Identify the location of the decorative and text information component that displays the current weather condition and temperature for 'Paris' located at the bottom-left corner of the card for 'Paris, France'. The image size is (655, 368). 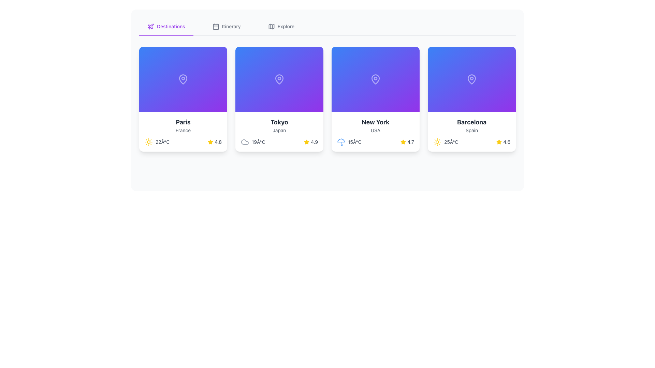
(157, 141).